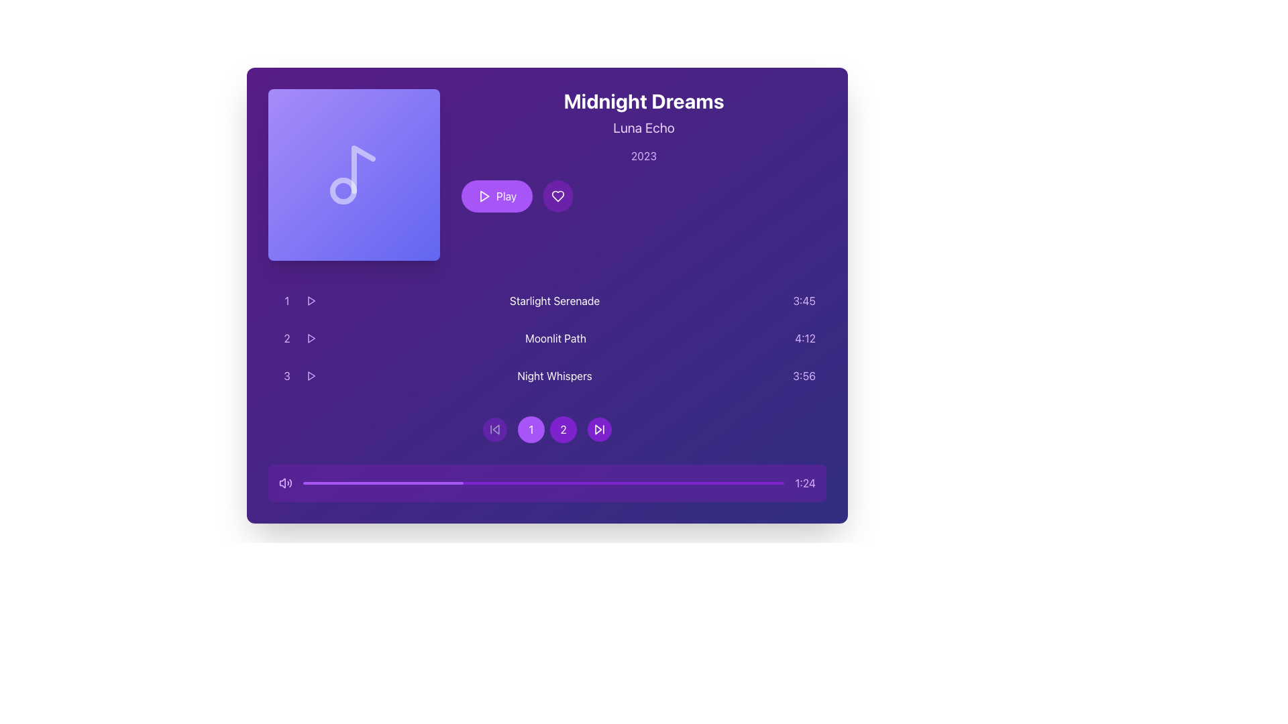 This screenshot has width=1288, height=724. Describe the element at coordinates (586, 483) in the screenshot. I see `playback position` at that location.